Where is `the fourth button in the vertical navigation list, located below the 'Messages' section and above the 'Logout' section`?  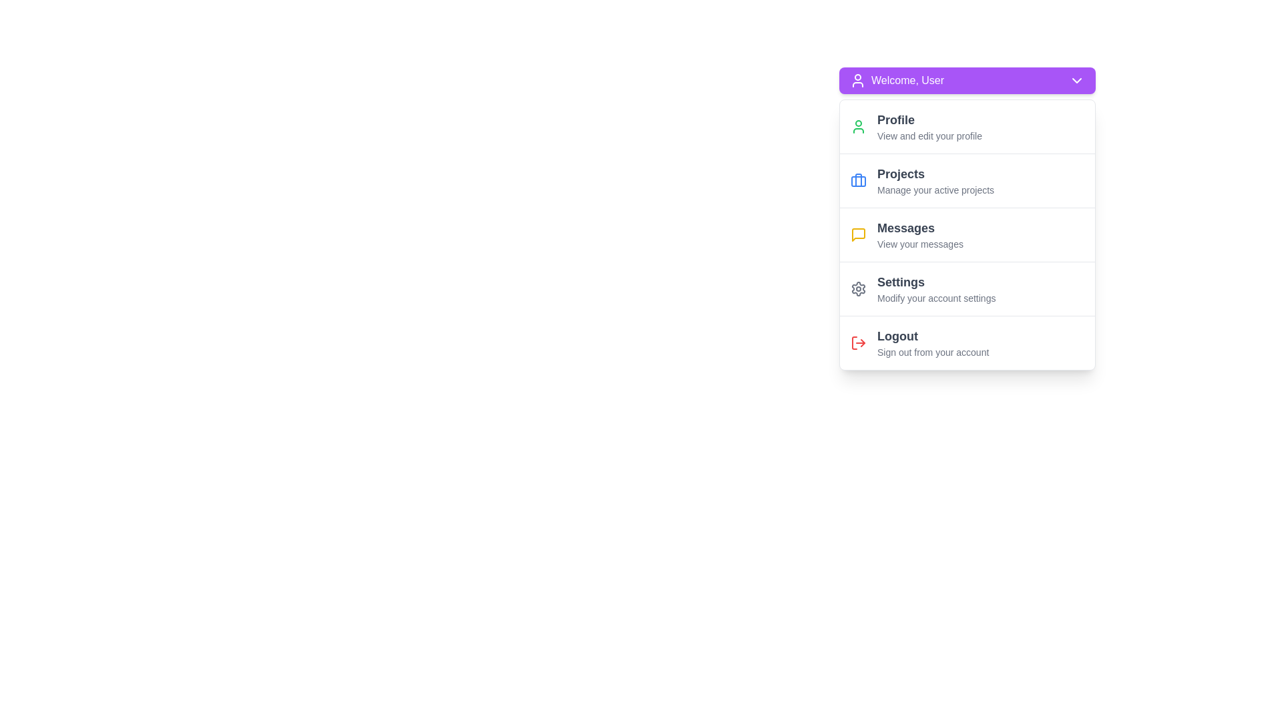 the fourth button in the vertical navigation list, located below the 'Messages' section and above the 'Logout' section is located at coordinates (968, 288).